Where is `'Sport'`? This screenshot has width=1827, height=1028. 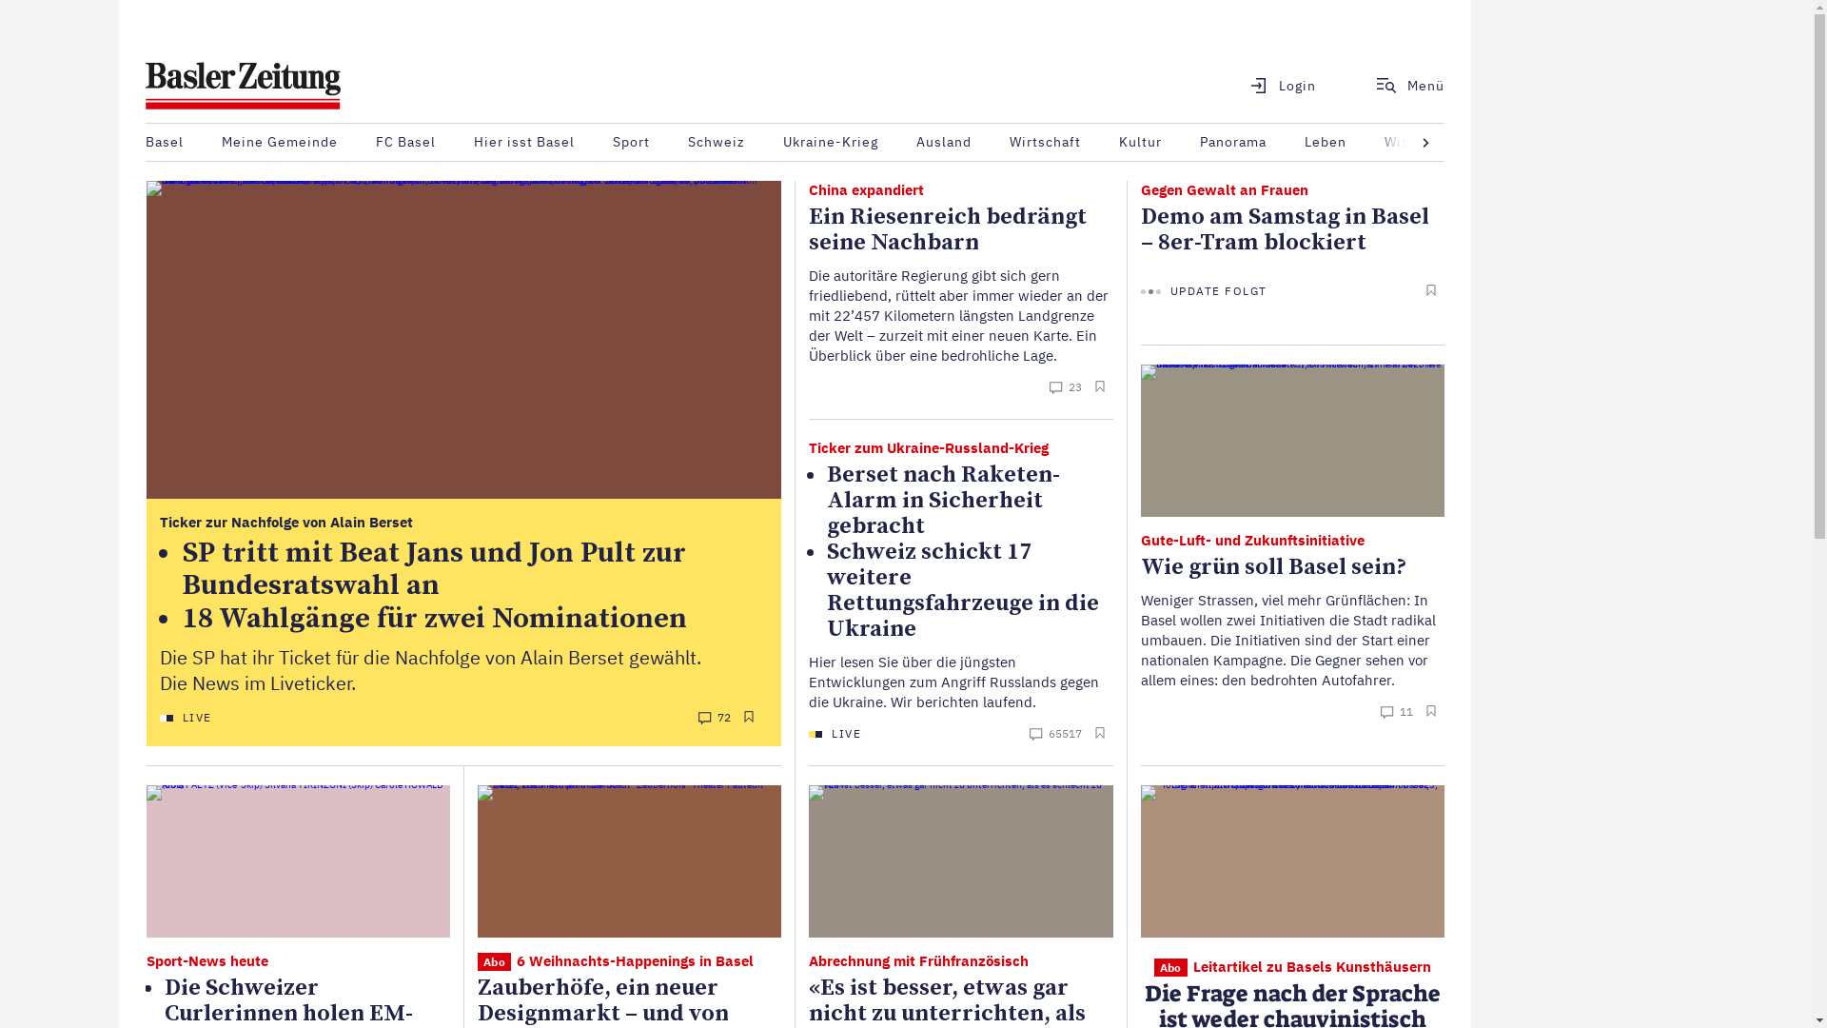
'Sport' is located at coordinates (631, 141).